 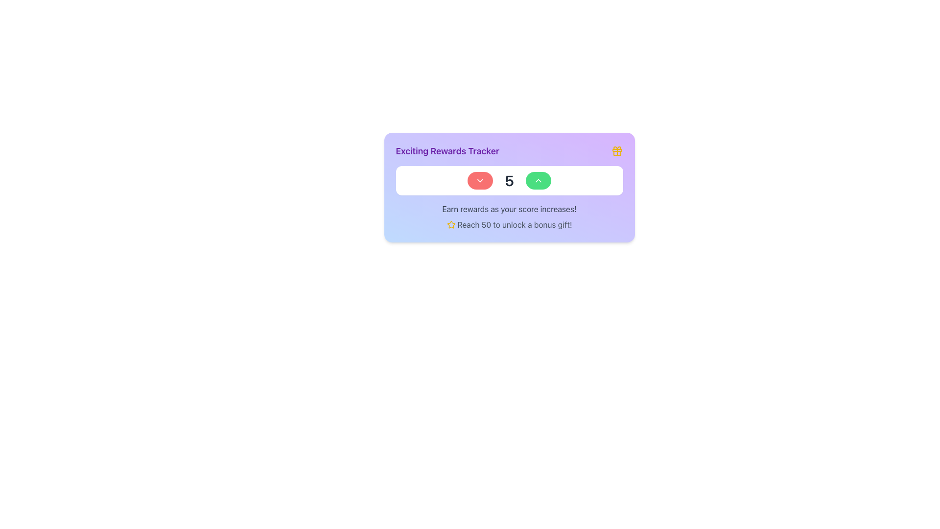 What do you see at coordinates (538, 181) in the screenshot?
I see `the upward chevron button located to the right of the text '5', which is the last interactive button in the row of elements` at bounding box center [538, 181].